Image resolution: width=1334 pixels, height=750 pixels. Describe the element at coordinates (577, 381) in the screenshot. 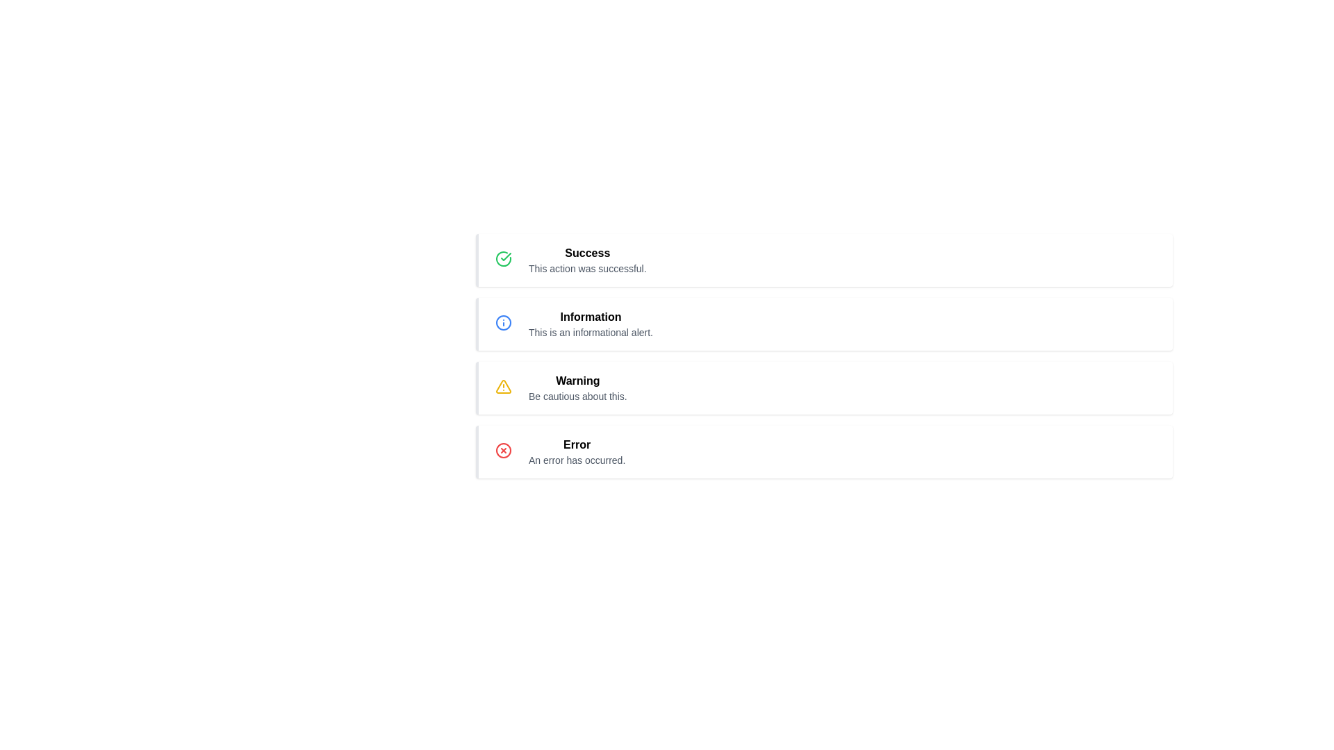

I see `the bolded 'Warning' static text element, which serves as the main header of a warning notification, positioned to the right of a yellow warning icon` at that location.